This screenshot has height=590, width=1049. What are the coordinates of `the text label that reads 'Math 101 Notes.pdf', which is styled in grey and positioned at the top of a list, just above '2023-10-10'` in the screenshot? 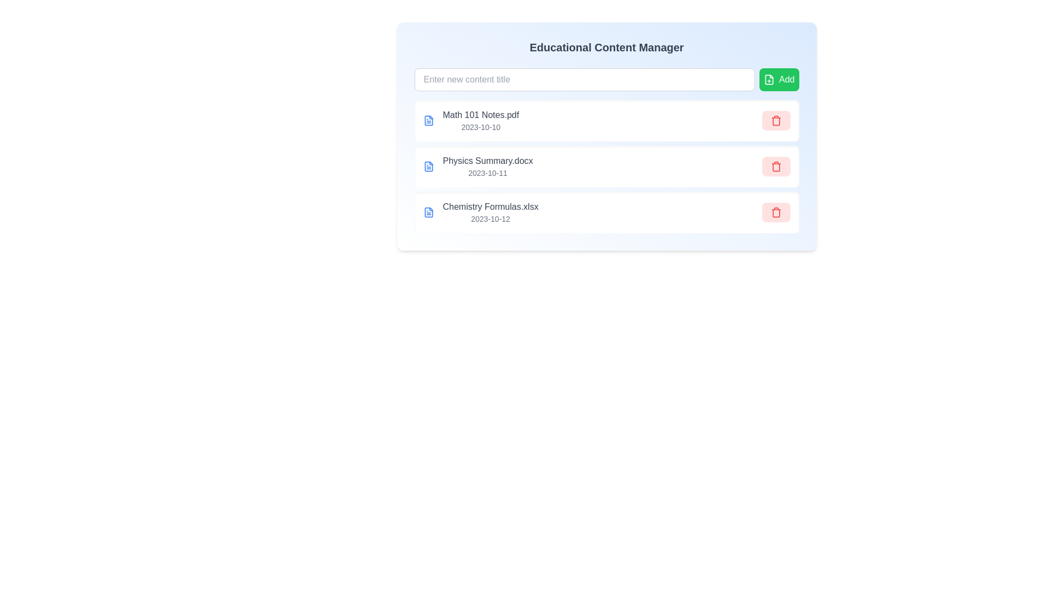 It's located at (481, 115).